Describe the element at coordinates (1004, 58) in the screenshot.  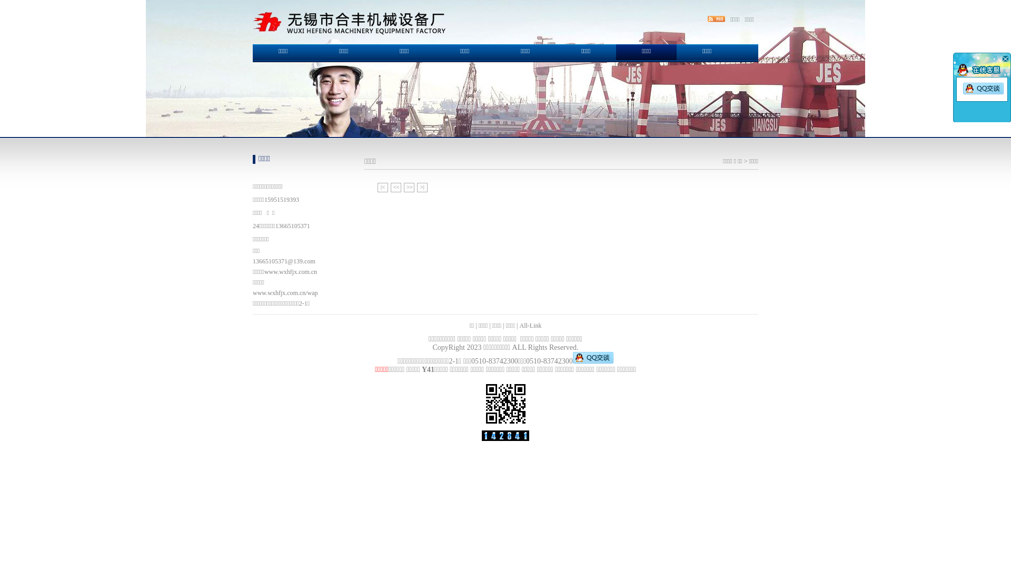
I see `' '` at that location.